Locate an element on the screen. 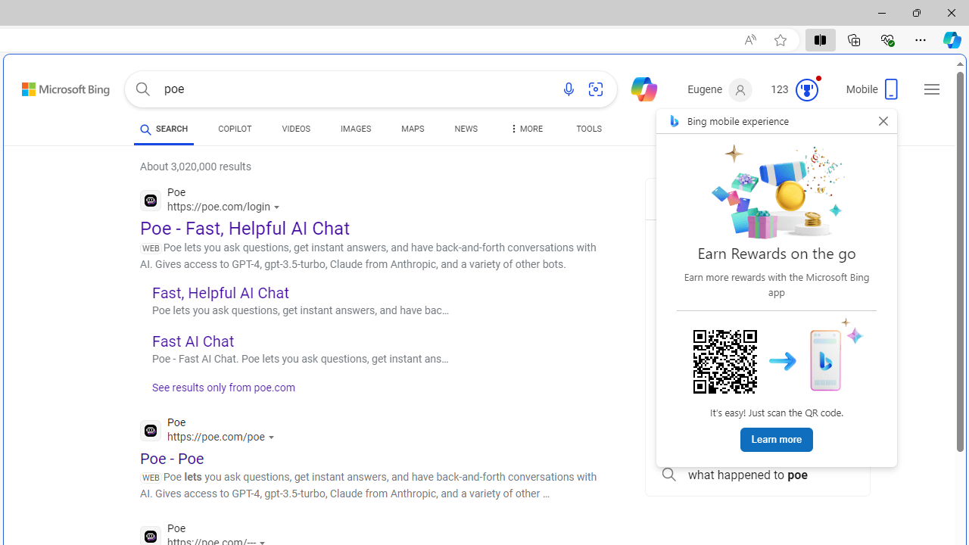 This screenshot has height=545, width=969. 'SEARCH' is located at coordinates (164, 129).